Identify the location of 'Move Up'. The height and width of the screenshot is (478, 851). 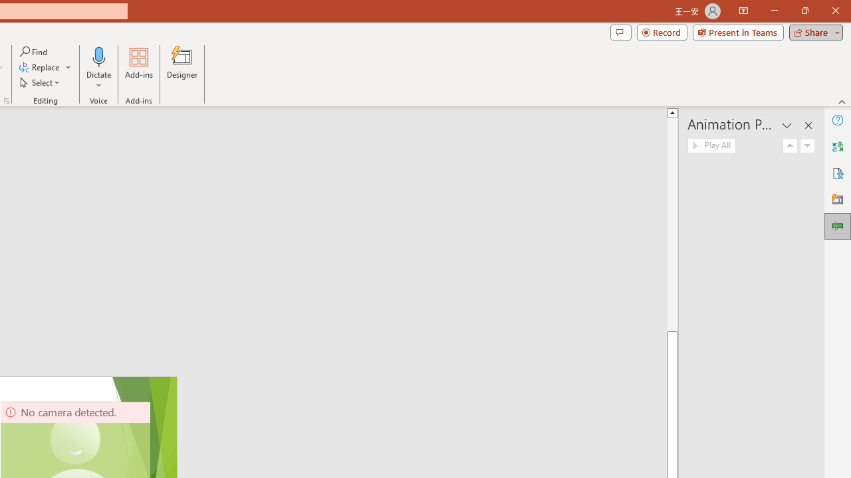
(790, 145).